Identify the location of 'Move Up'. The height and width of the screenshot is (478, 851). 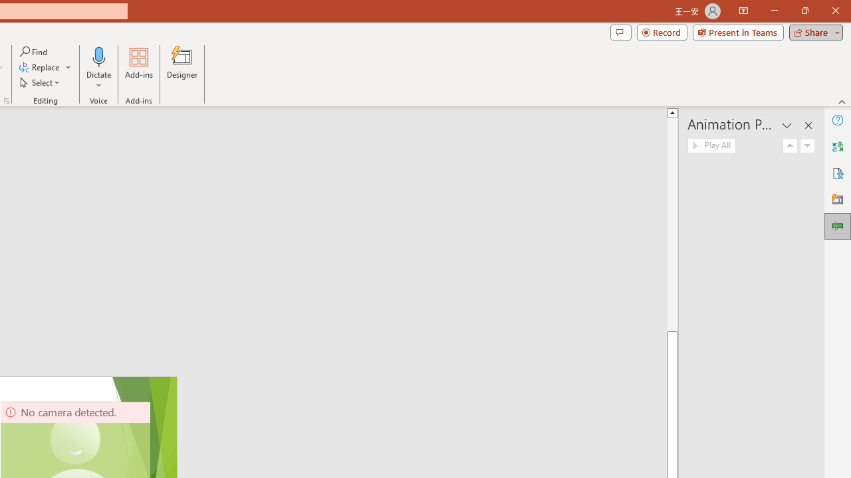
(790, 145).